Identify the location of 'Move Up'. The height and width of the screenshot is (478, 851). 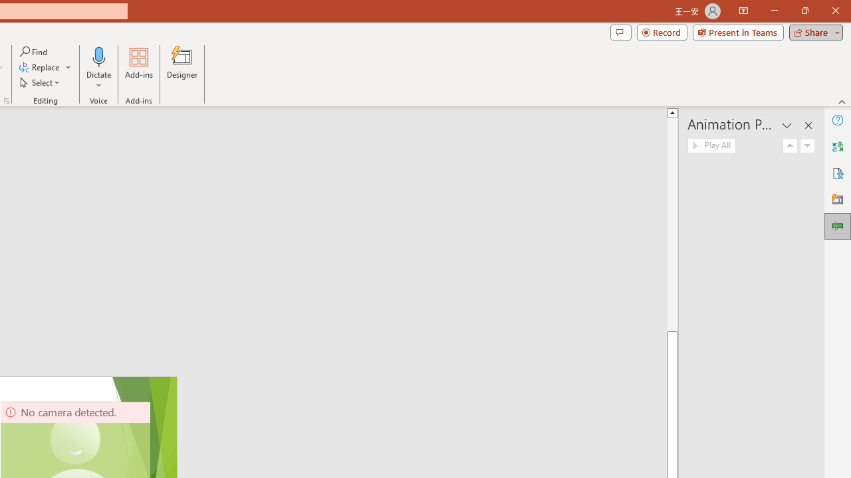
(790, 145).